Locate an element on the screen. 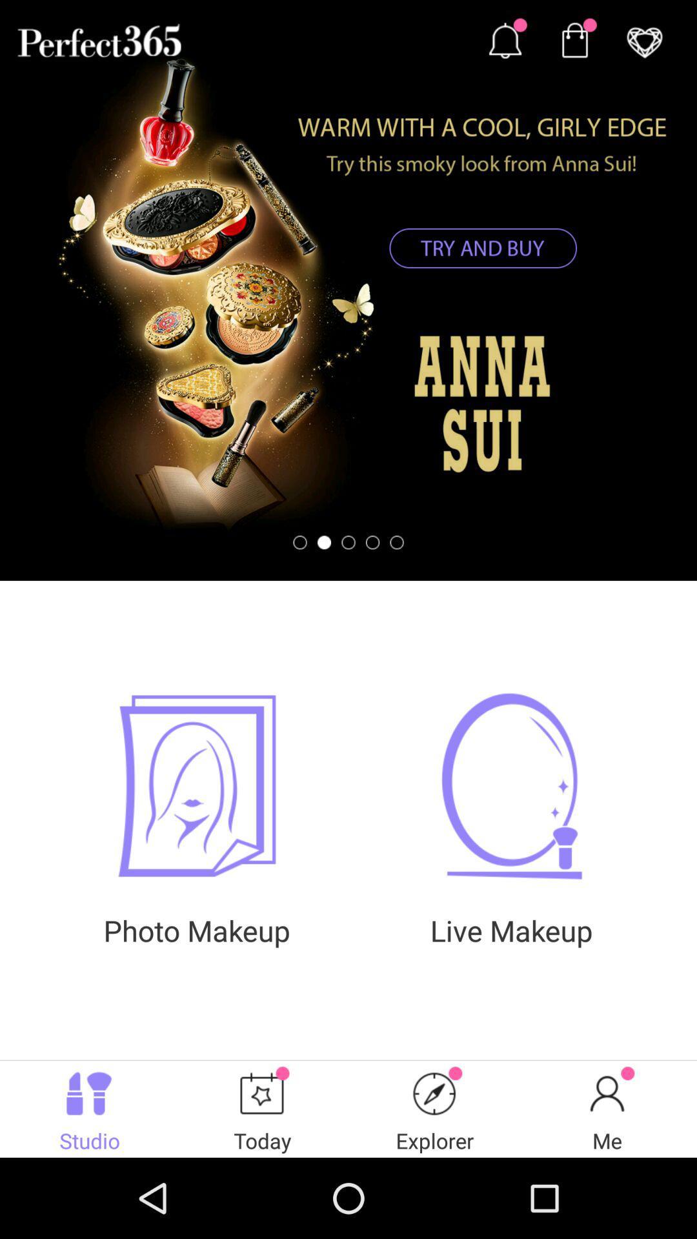  the shop icon is located at coordinates (574, 43).